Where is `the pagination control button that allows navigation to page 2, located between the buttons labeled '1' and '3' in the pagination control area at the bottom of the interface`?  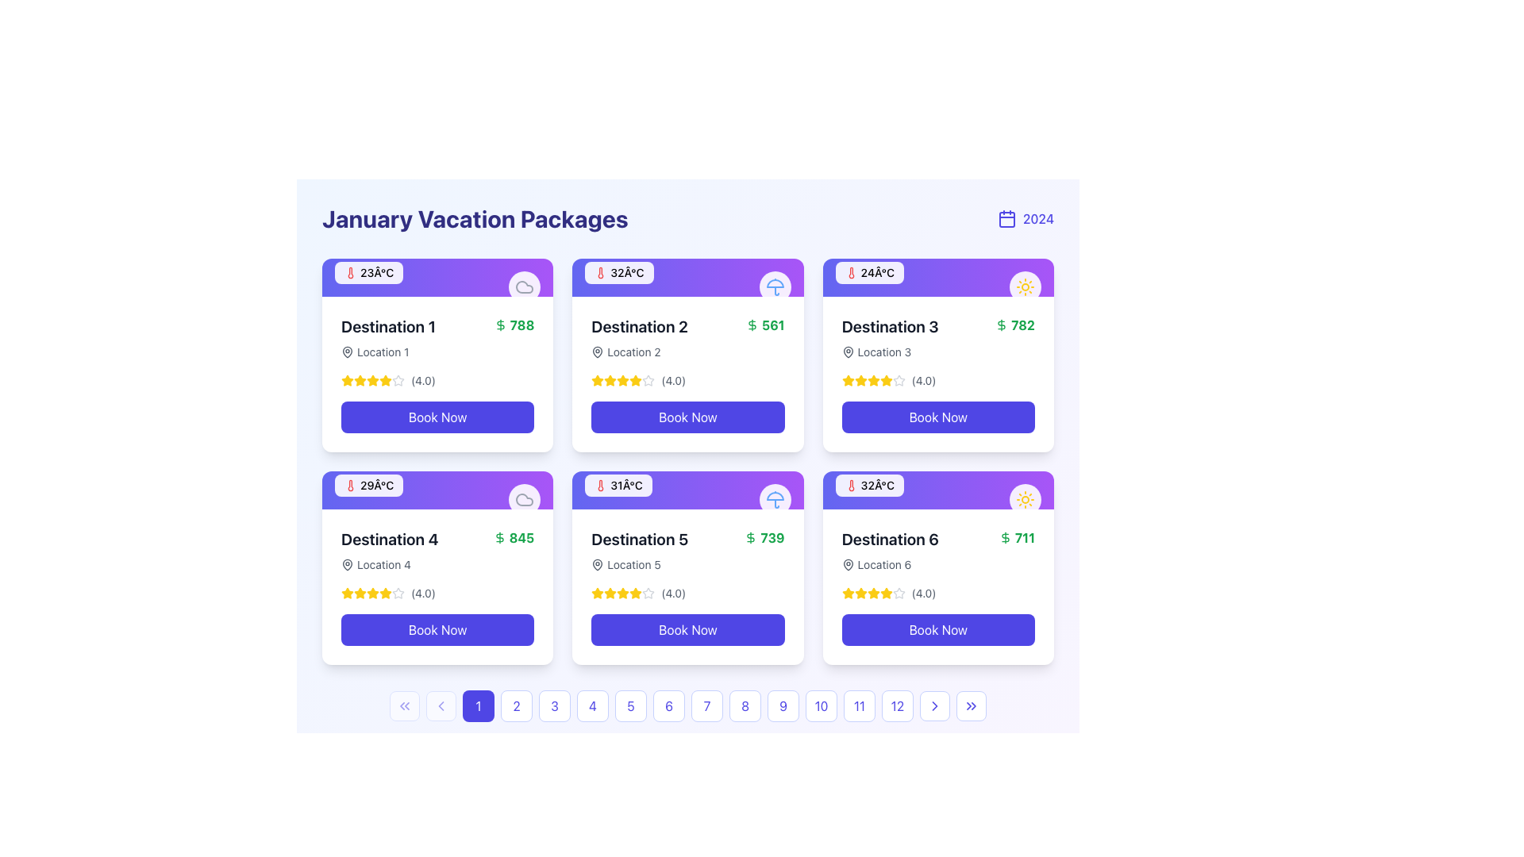
the pagination control button that allows navigation to page 2, located between the buttons labeled '1' and '3' in the pagination control area at the bottom of the interface is located at coordinates (517, 705).